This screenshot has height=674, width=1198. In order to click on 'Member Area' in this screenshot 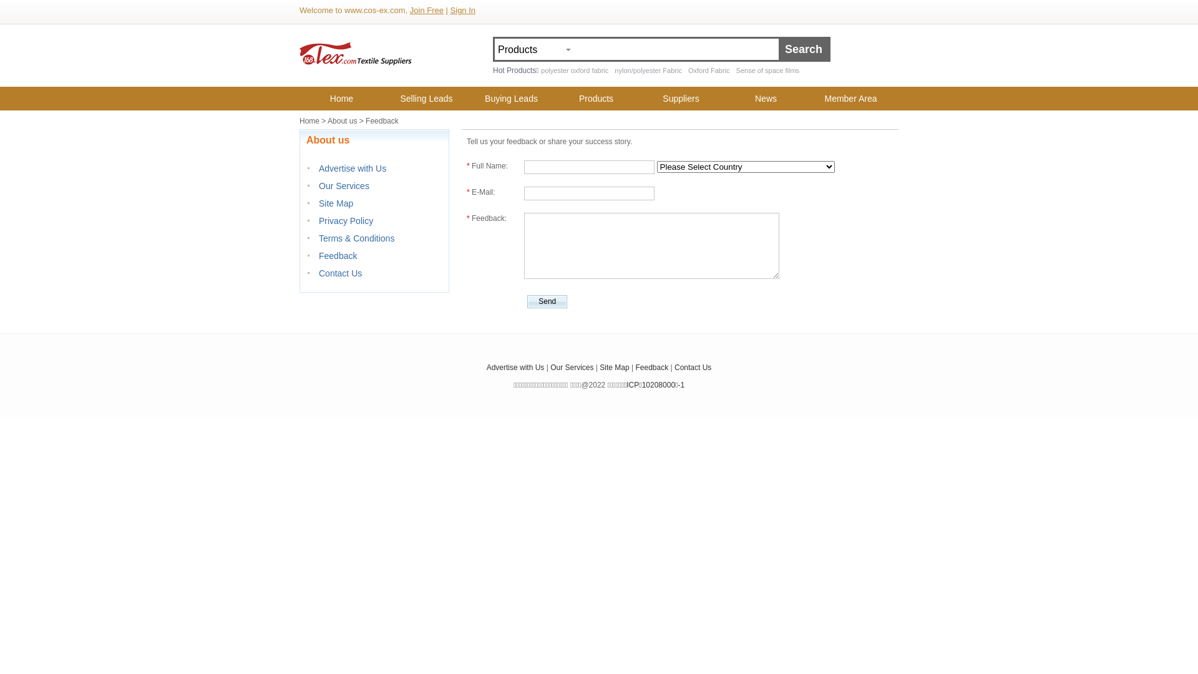, I will do `click(850, 98)`.